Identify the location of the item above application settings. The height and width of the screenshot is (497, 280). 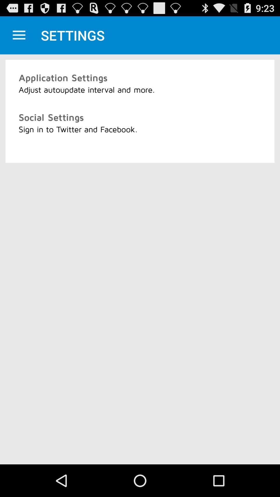
(19, 35).